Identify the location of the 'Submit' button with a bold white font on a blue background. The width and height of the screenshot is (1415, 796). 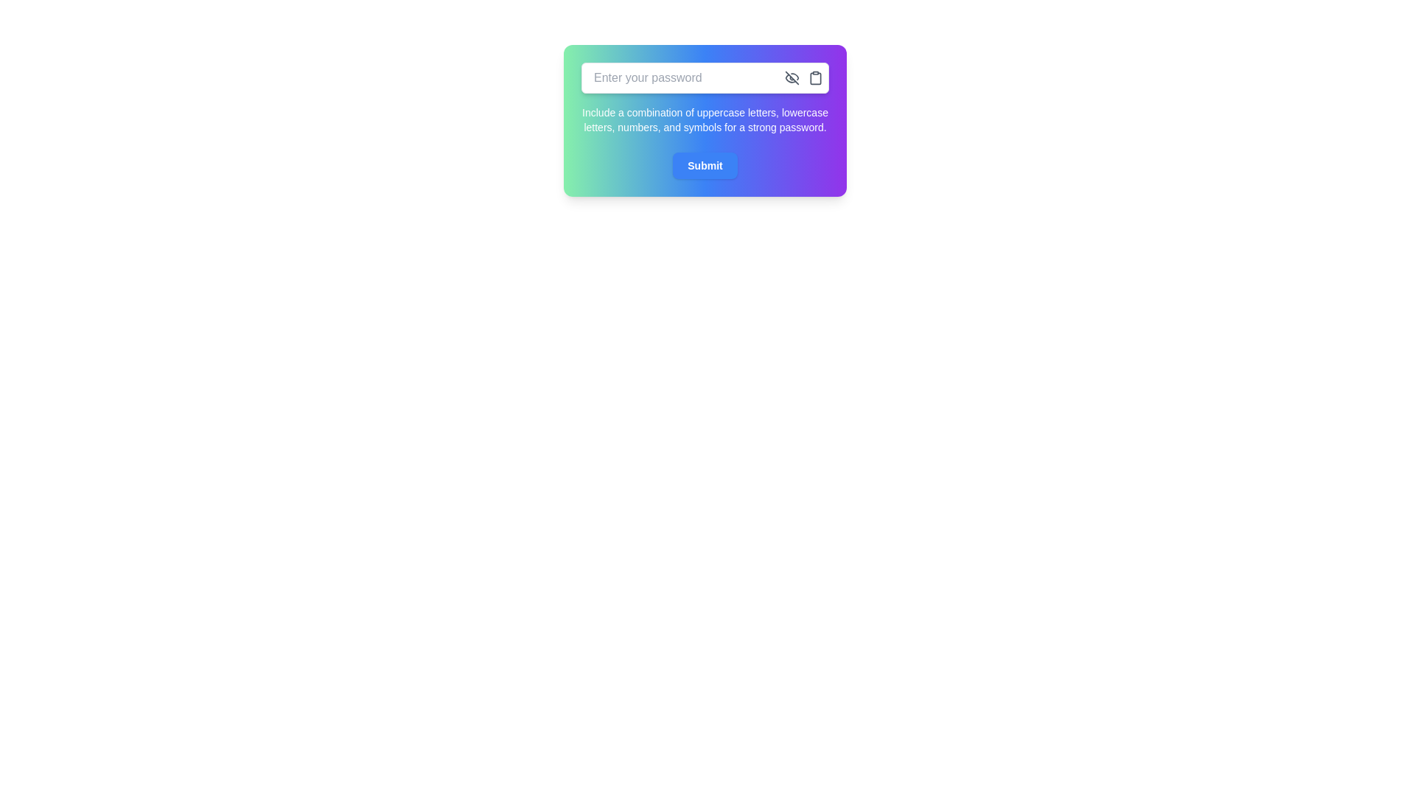
(704, 165).